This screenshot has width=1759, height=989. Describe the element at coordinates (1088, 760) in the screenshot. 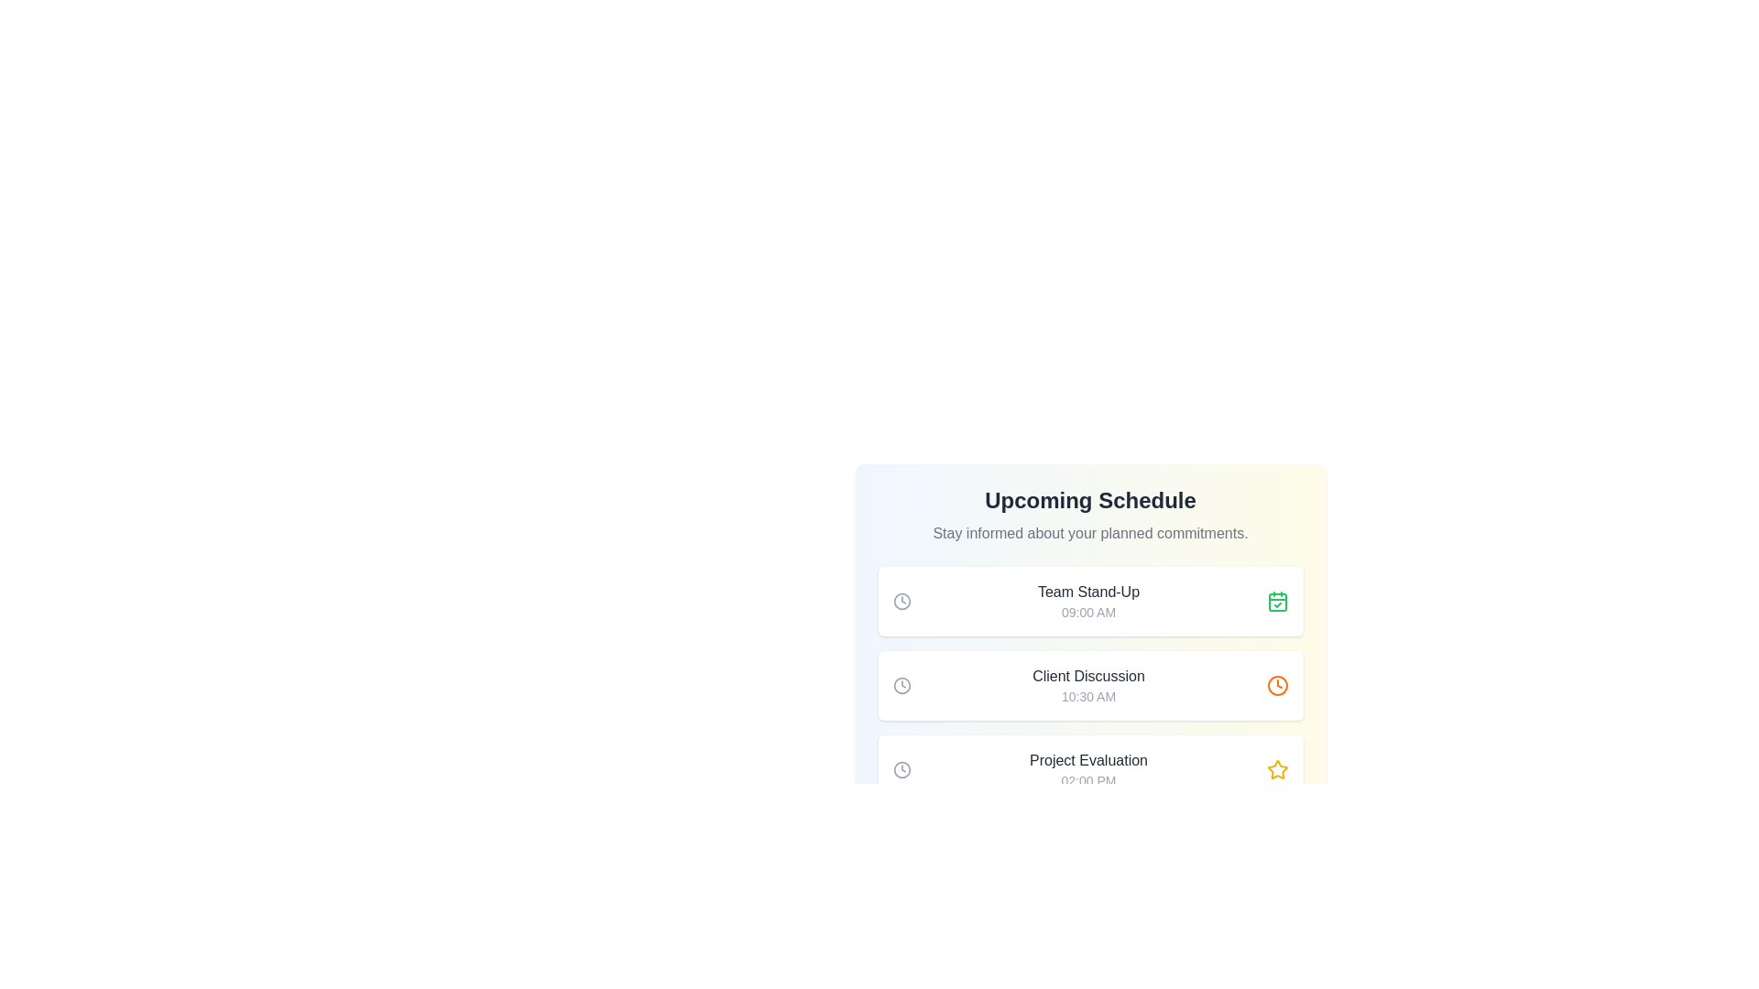

I see `the static text label that serves as the name of the activity scheduled at a specific time, positioned above '02:00 PM' and below 'Team Stand-Up' and 'Client Discussion'` at that location.